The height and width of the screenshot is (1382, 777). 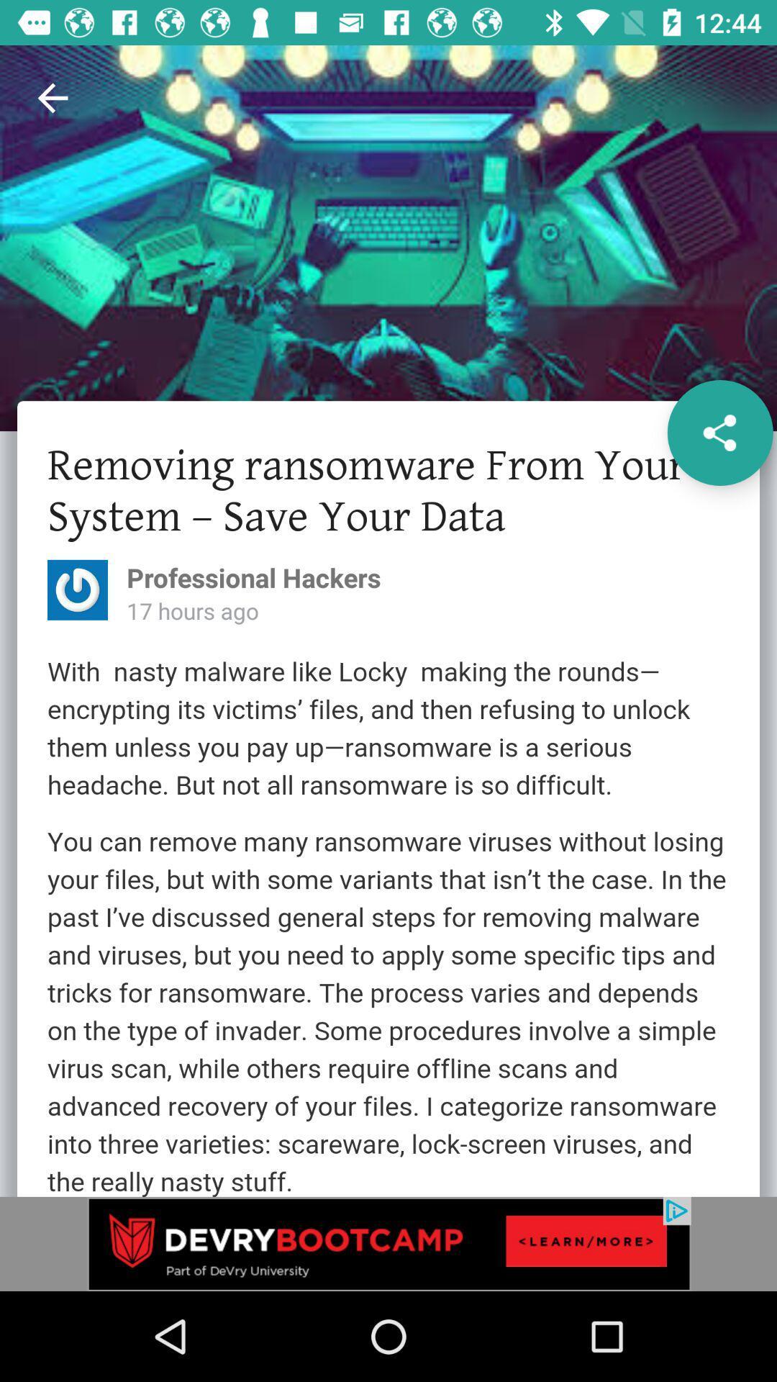 I want to click on the share icon, so click(x=720, y=432).